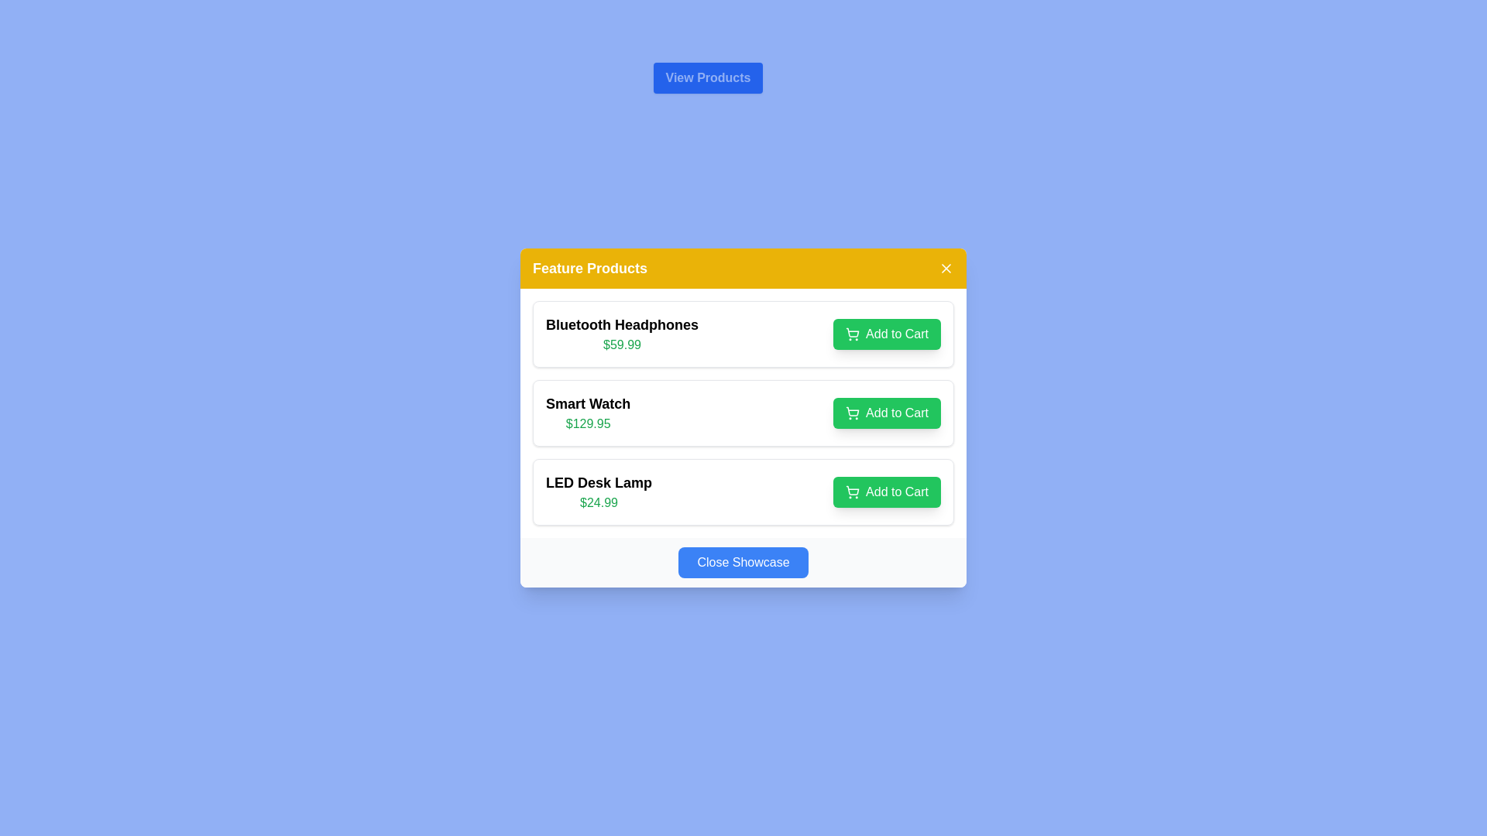 Image resolution: width=1487 pixels, height=836 pixels. I want to click on the shopping cart vector graphic icon located on the 'Add to Cart' button for the 'LED Desk Lamp' product, positioned near the left edge of the button, so click(852, 492).